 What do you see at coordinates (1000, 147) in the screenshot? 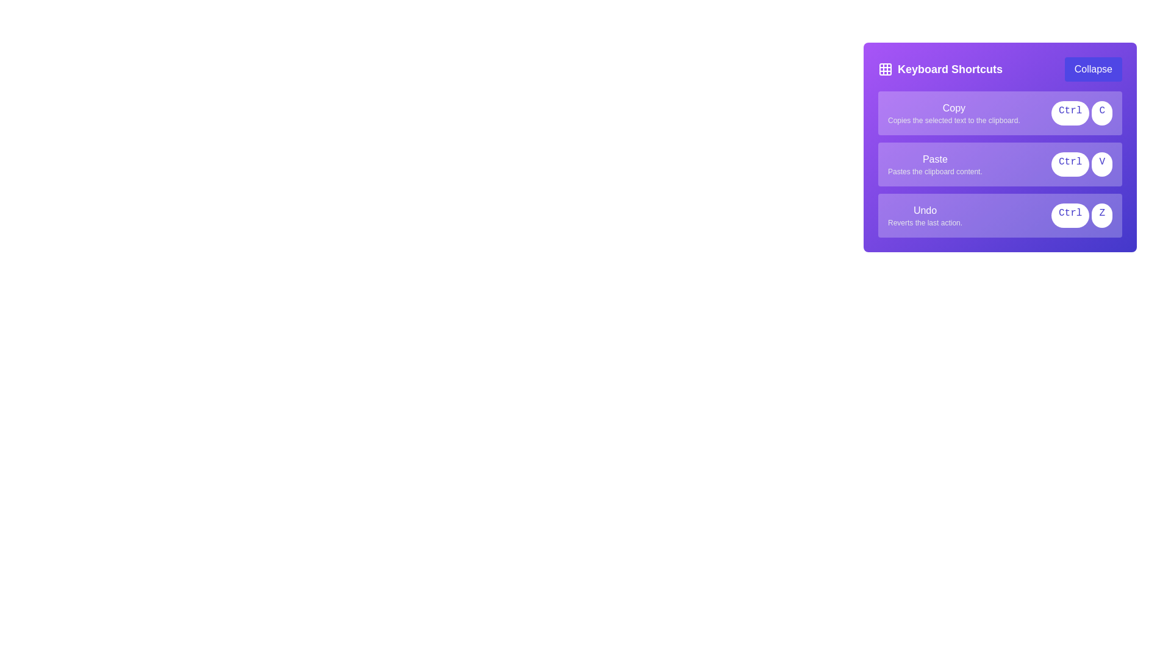
I see `information presented about the 'Paste' shortcut located in the informational panel section of the 'Keyboard Shortcuts' dialog box, positioned between the 'Copy' and 'Undo' sections` at bounding box center [1000, 147].